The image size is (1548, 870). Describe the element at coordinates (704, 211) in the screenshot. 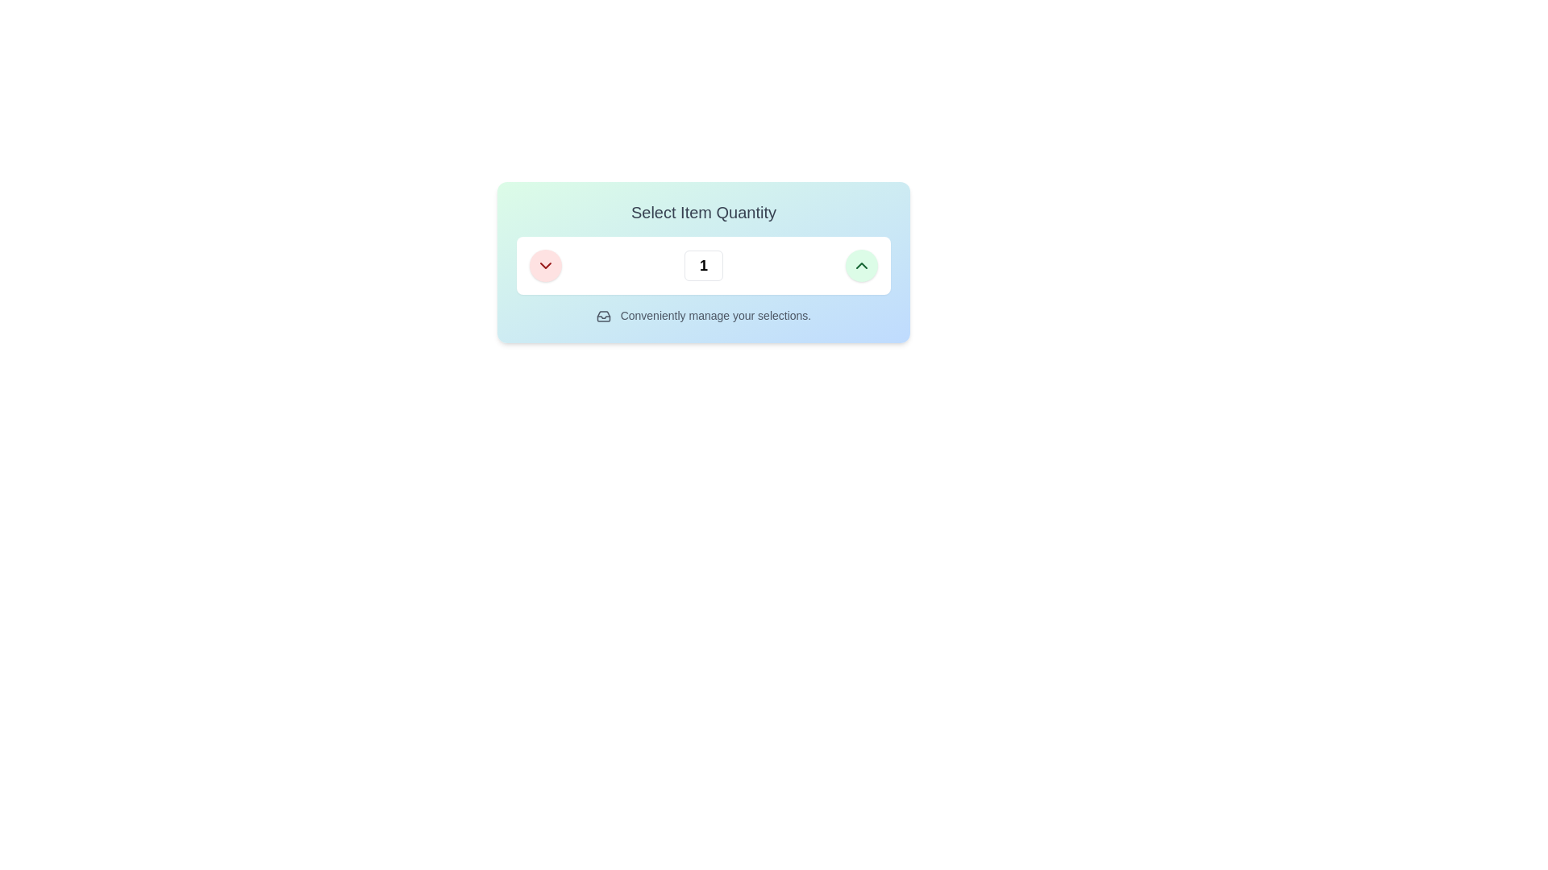

I see `text from the label that indicates the quantity selection for the item, located at the upper section of the card-like layout, above the quantity selector and subtitle` at that location.